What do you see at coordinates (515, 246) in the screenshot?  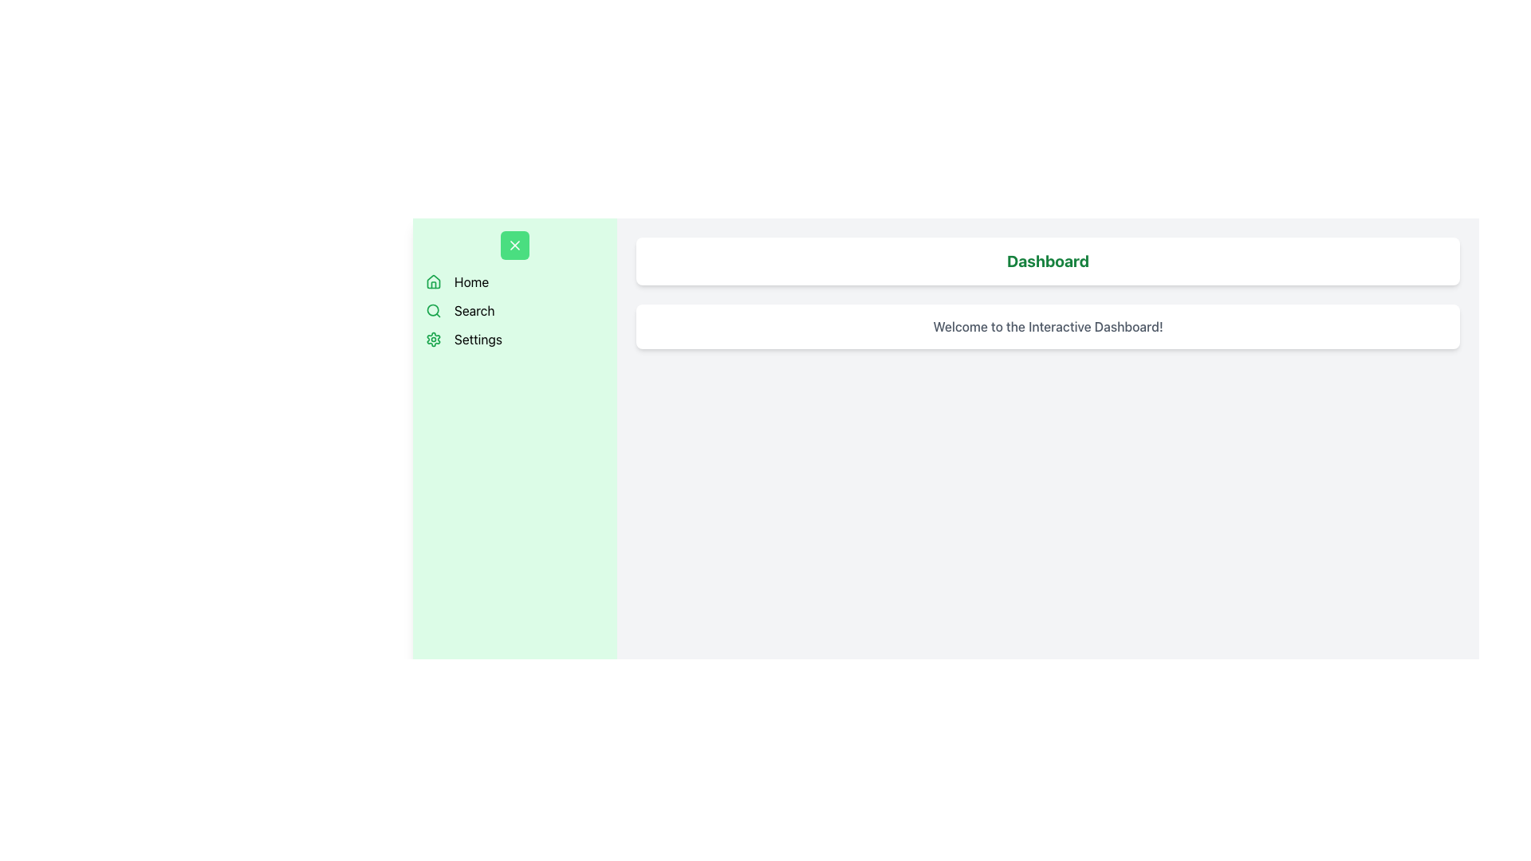 I see `the small diagonal cross ('X') icon within the green square button at the top of the vertical sidebar menu` at bounding box center [515, 246].